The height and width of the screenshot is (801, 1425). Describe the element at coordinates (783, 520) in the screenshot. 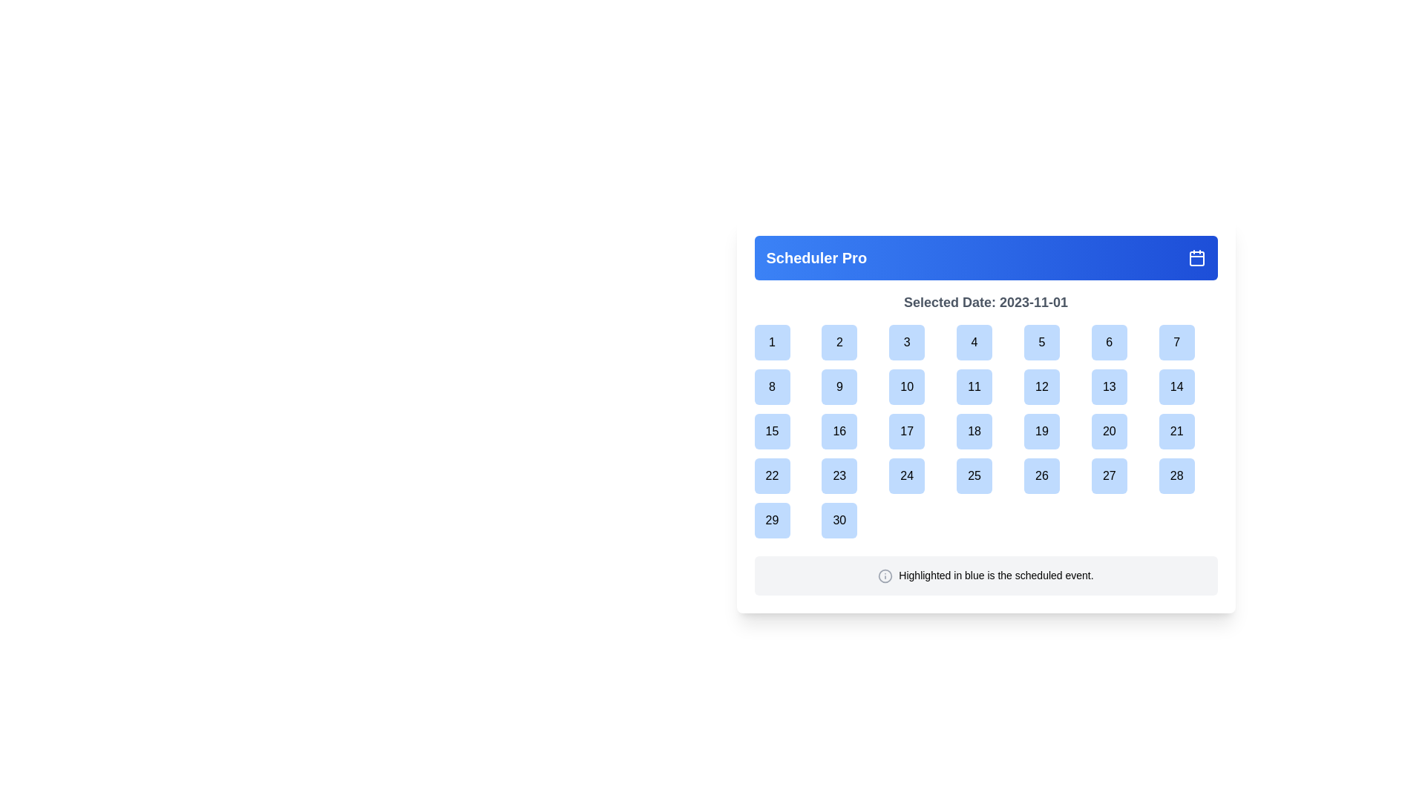

I see `the calendar date cell displaying '29'` at that location.